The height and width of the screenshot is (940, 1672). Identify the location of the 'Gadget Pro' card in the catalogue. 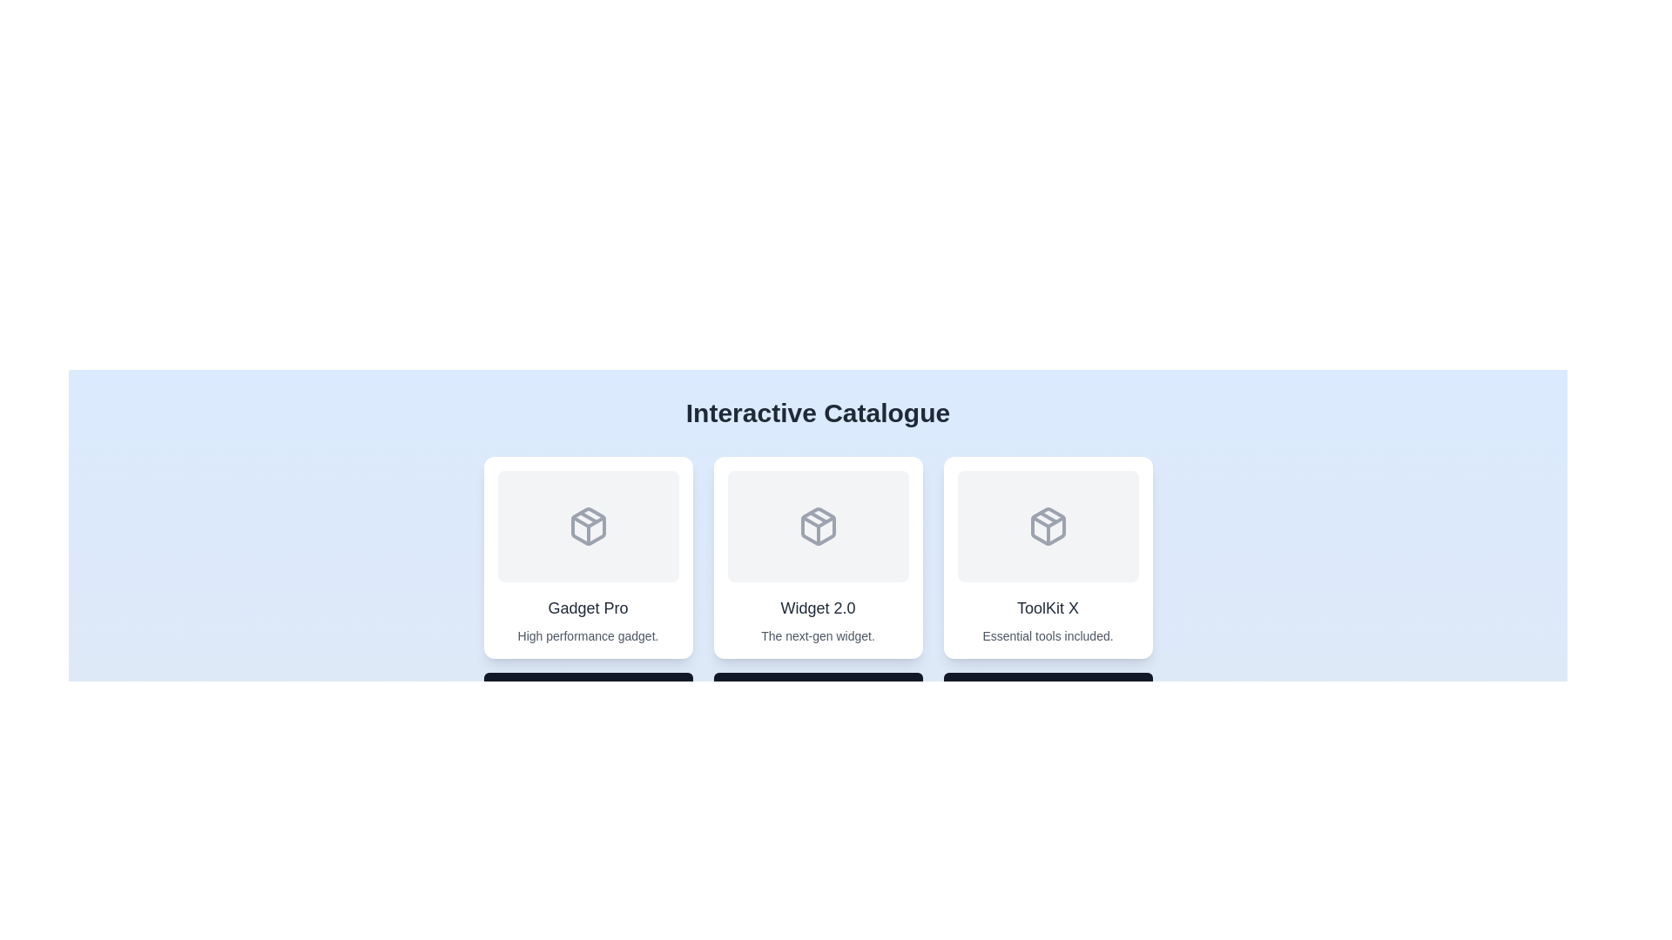
(588, 557).